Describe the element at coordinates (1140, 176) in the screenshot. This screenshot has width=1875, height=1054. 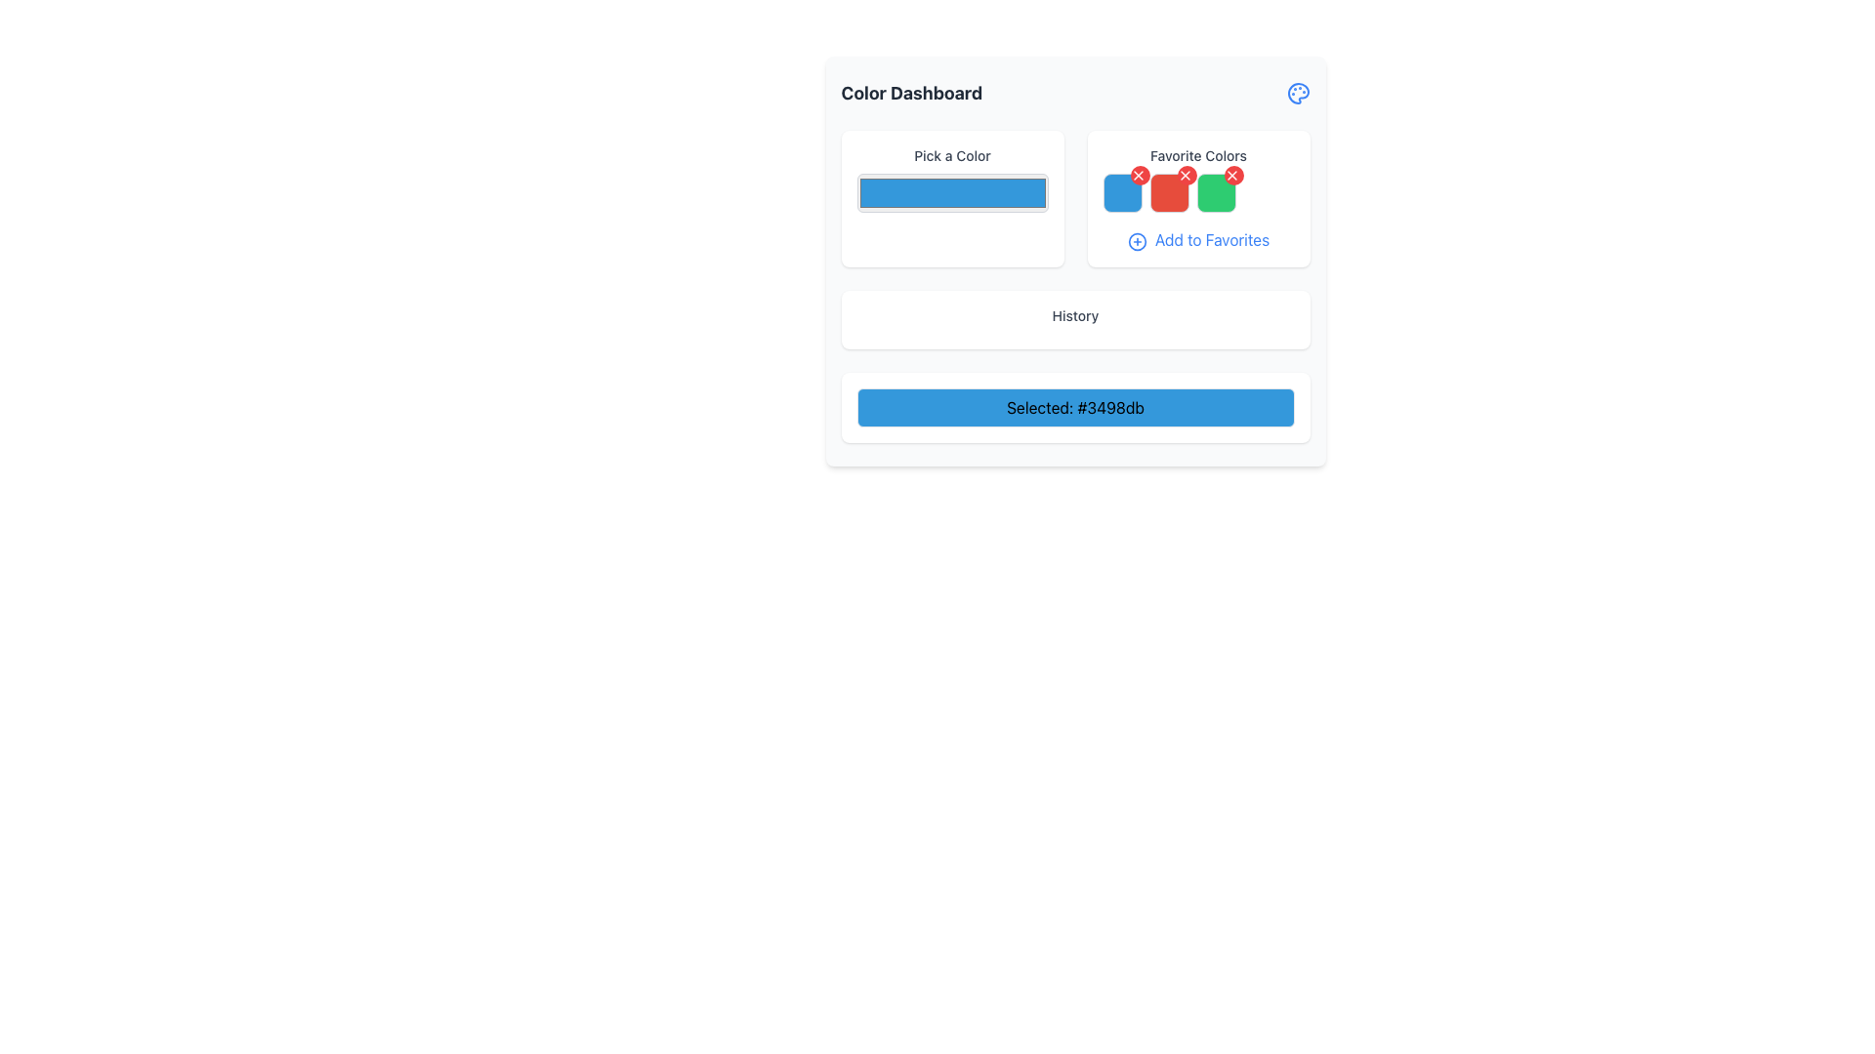
I see `the button located at the top-right corner of the red color block in the 'Favorite Colors' section` at that location.